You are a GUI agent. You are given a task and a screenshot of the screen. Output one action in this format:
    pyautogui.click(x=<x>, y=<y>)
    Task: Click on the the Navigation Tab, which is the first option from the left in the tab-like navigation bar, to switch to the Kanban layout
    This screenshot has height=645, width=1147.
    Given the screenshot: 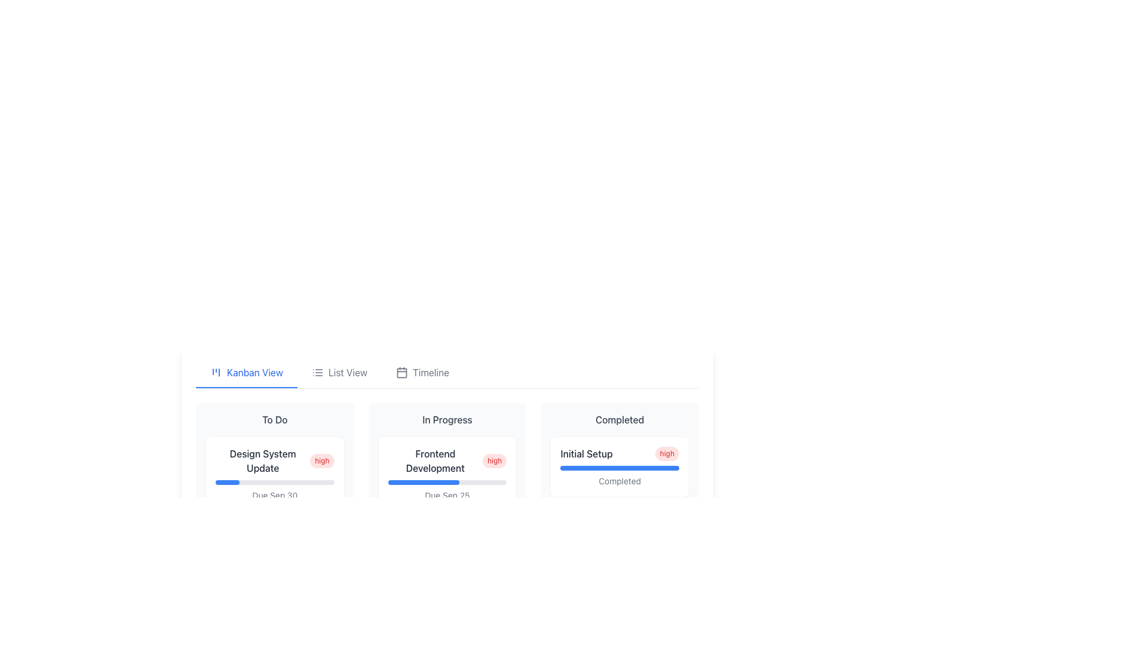 What is the action you would take?
    pyautogui.click(x=246, y=372)
    